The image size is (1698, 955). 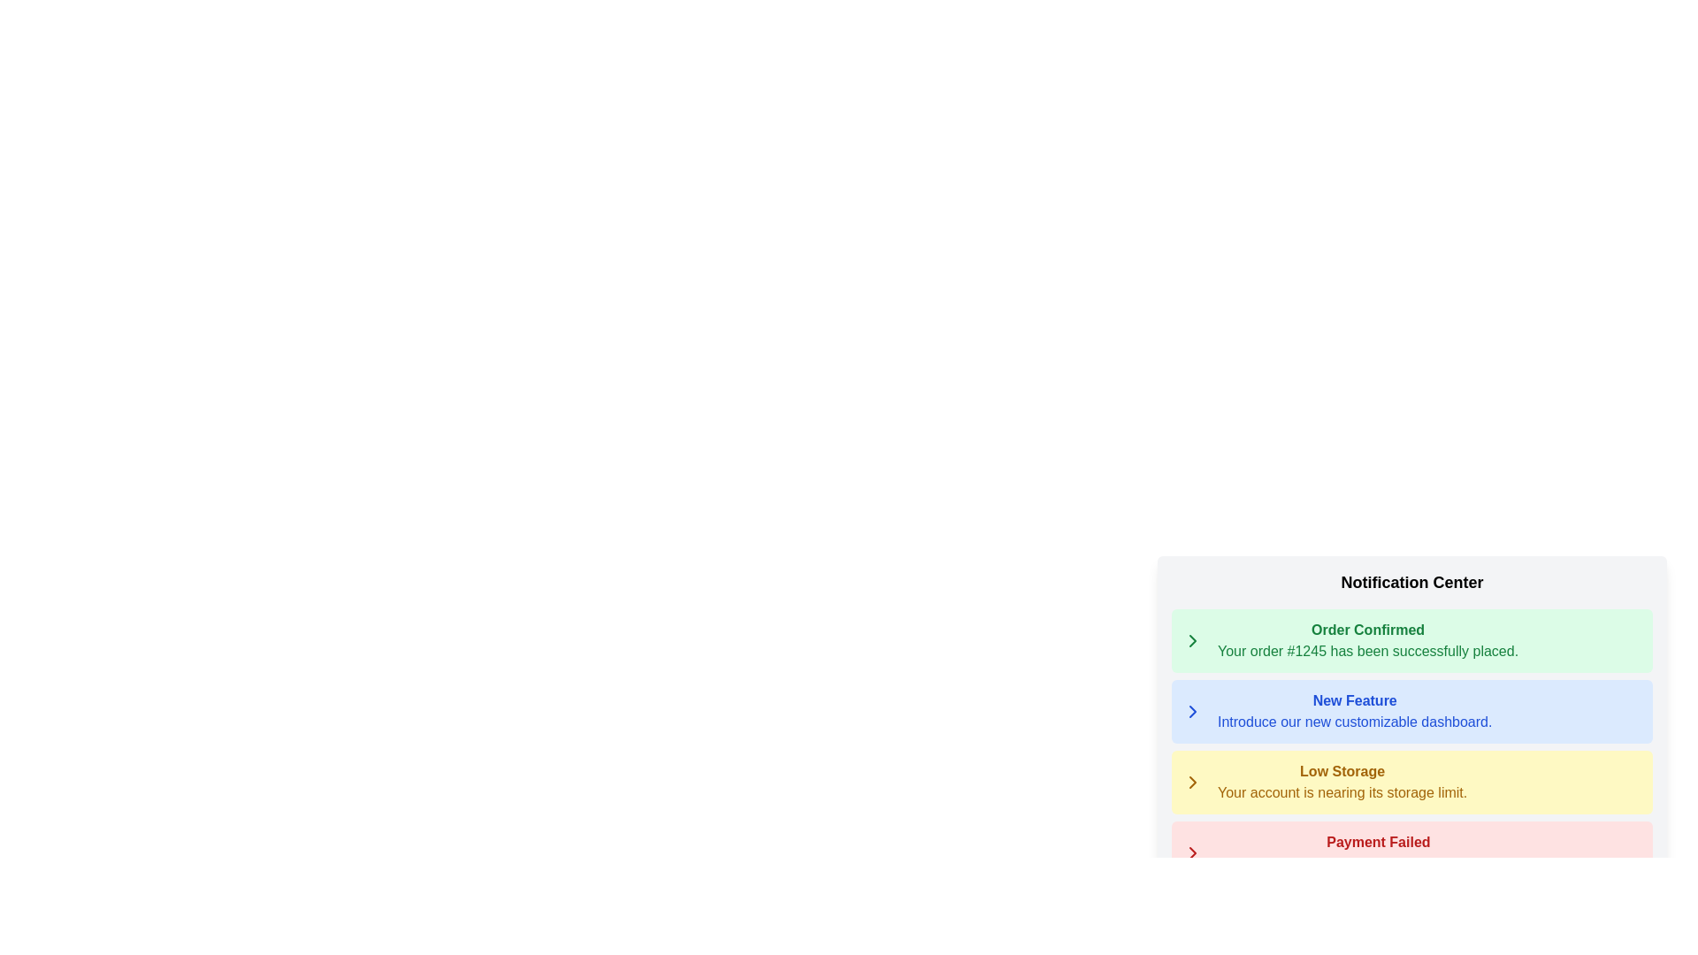 What do you see at coordinates (1354, 711) in the screenshot?
I see `displayed information from the text-based notification labeled 'New Feature' with a blue theme, which includes the message 'Introduce our new customizable dashboard.'` at bounding box center [1354, 711].